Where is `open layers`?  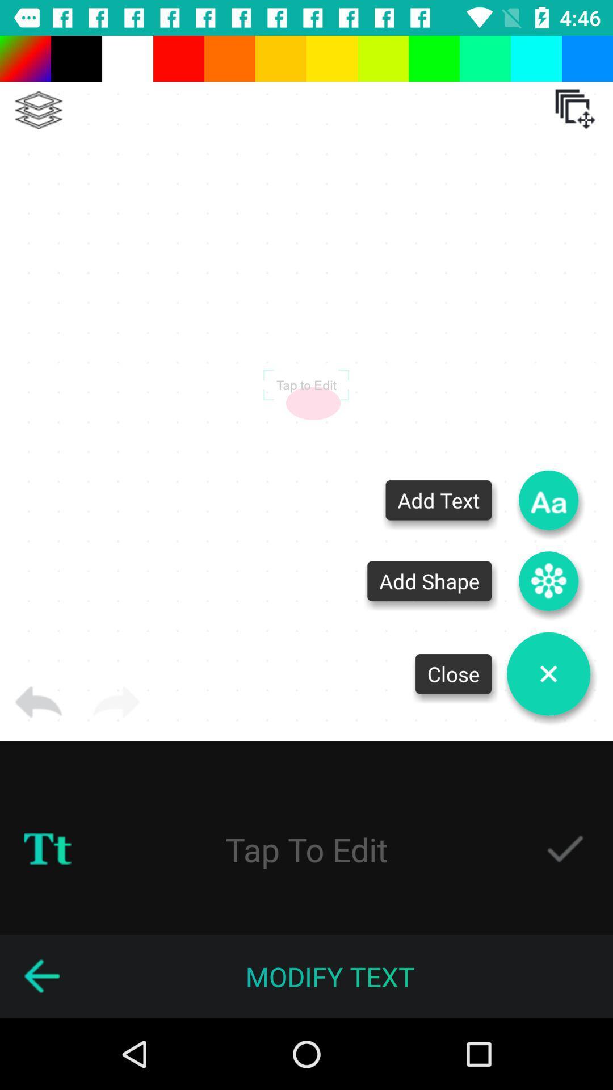
open layers is located at coordinates (575, 109).